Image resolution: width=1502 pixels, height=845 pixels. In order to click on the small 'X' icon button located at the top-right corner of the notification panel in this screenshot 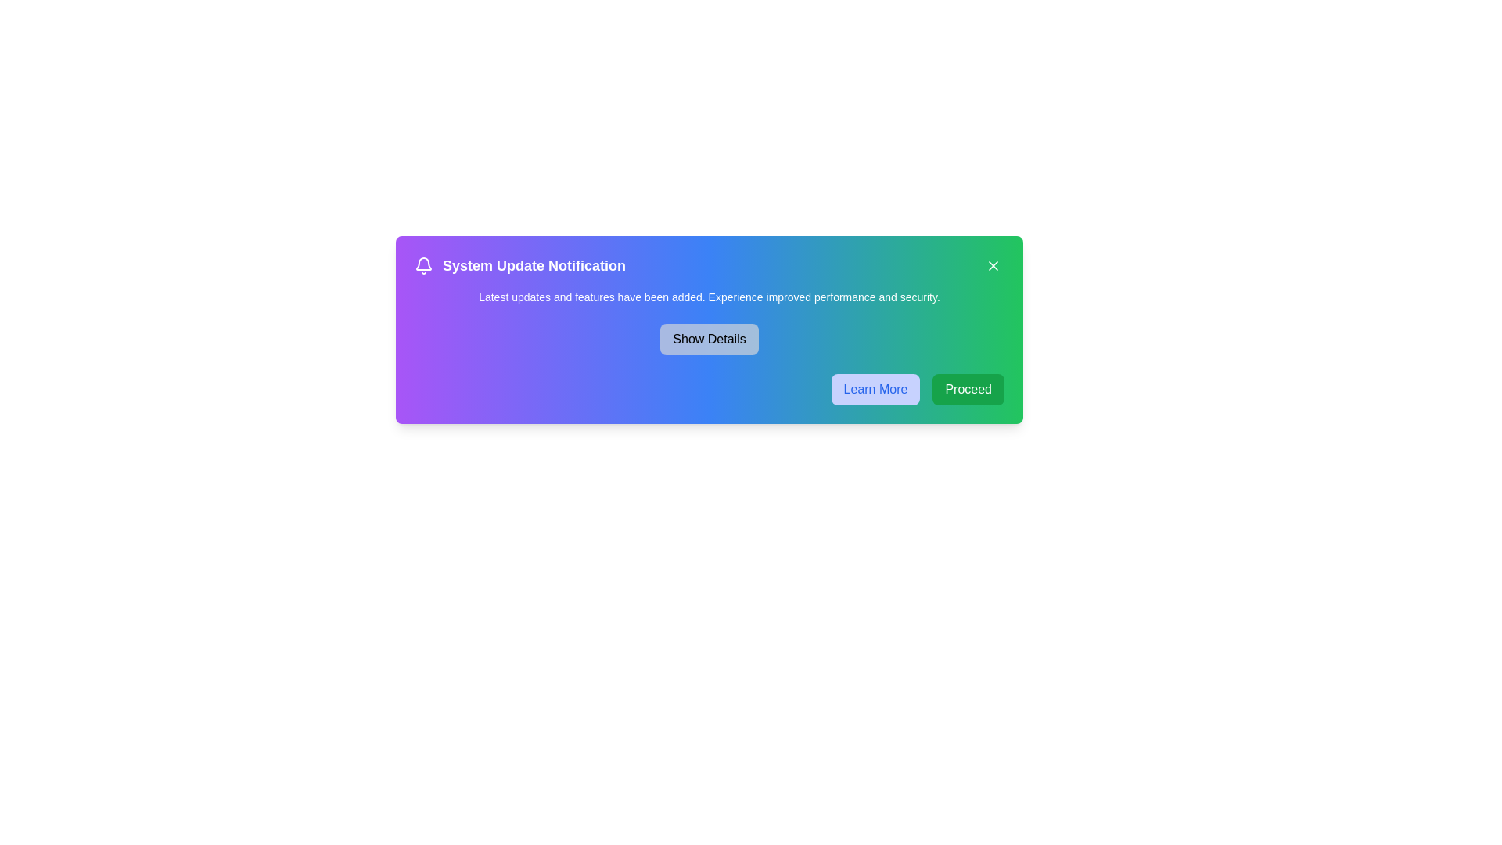, I will do `click(993, 264)`.